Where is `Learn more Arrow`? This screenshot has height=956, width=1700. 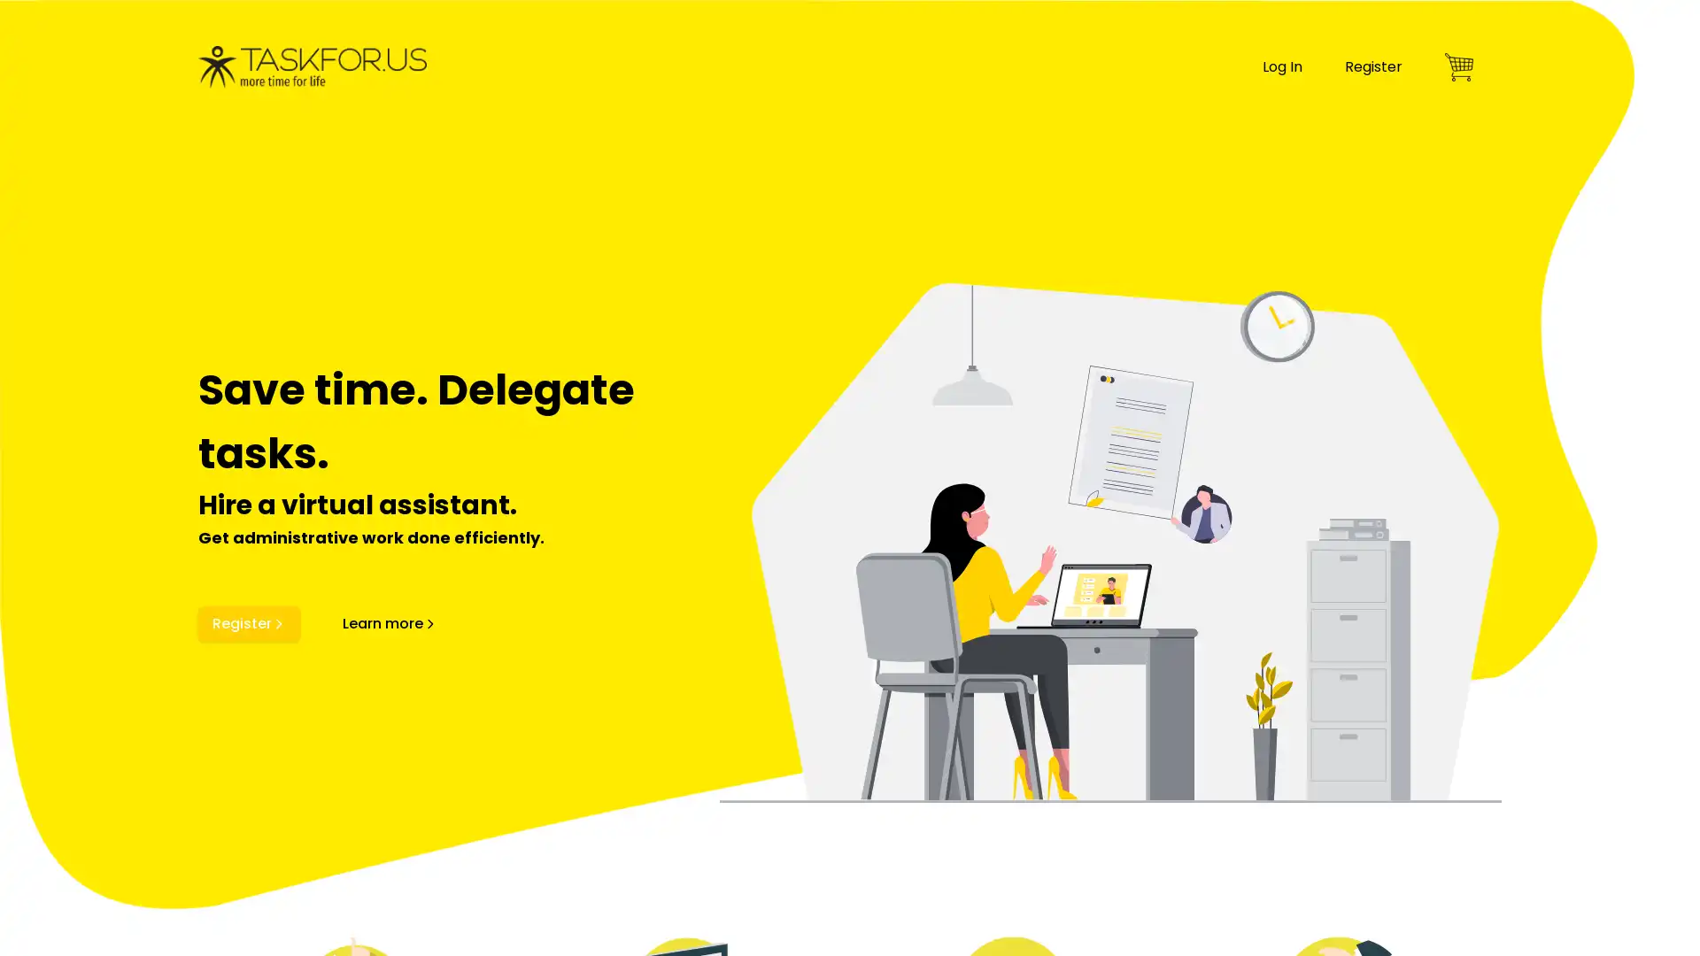
Learn more Arrow is located at coordinates (389, 623).